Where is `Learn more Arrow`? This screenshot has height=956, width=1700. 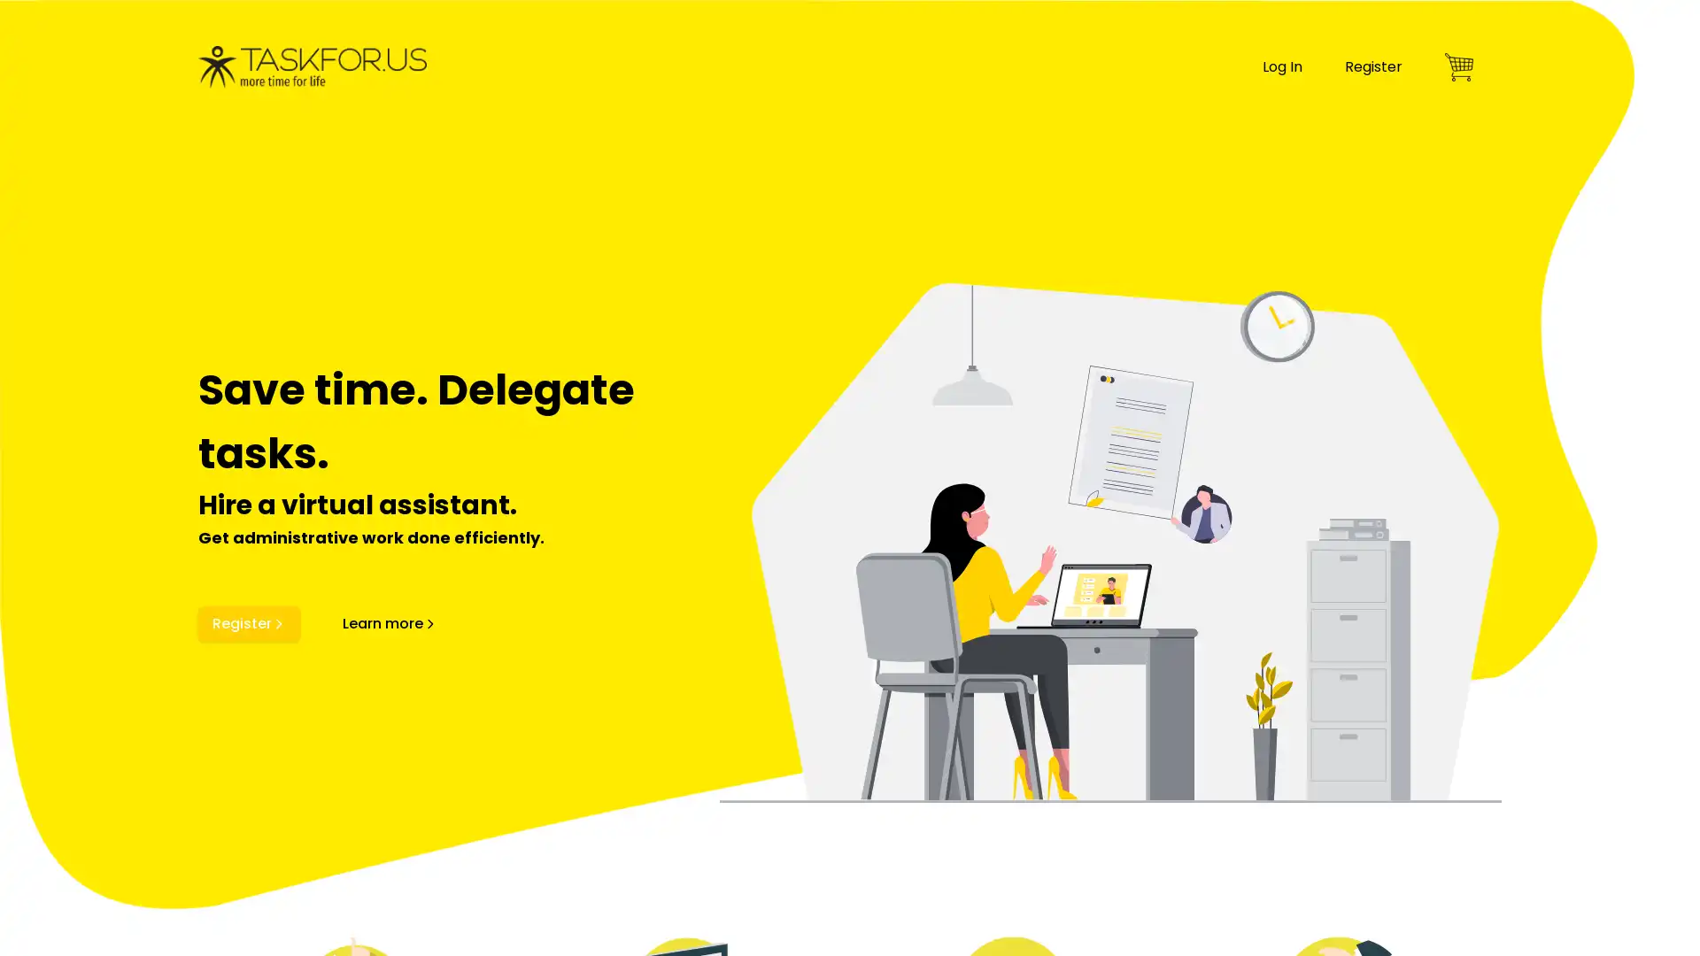
Learn more Arrow is located at coordinates (389, 623).